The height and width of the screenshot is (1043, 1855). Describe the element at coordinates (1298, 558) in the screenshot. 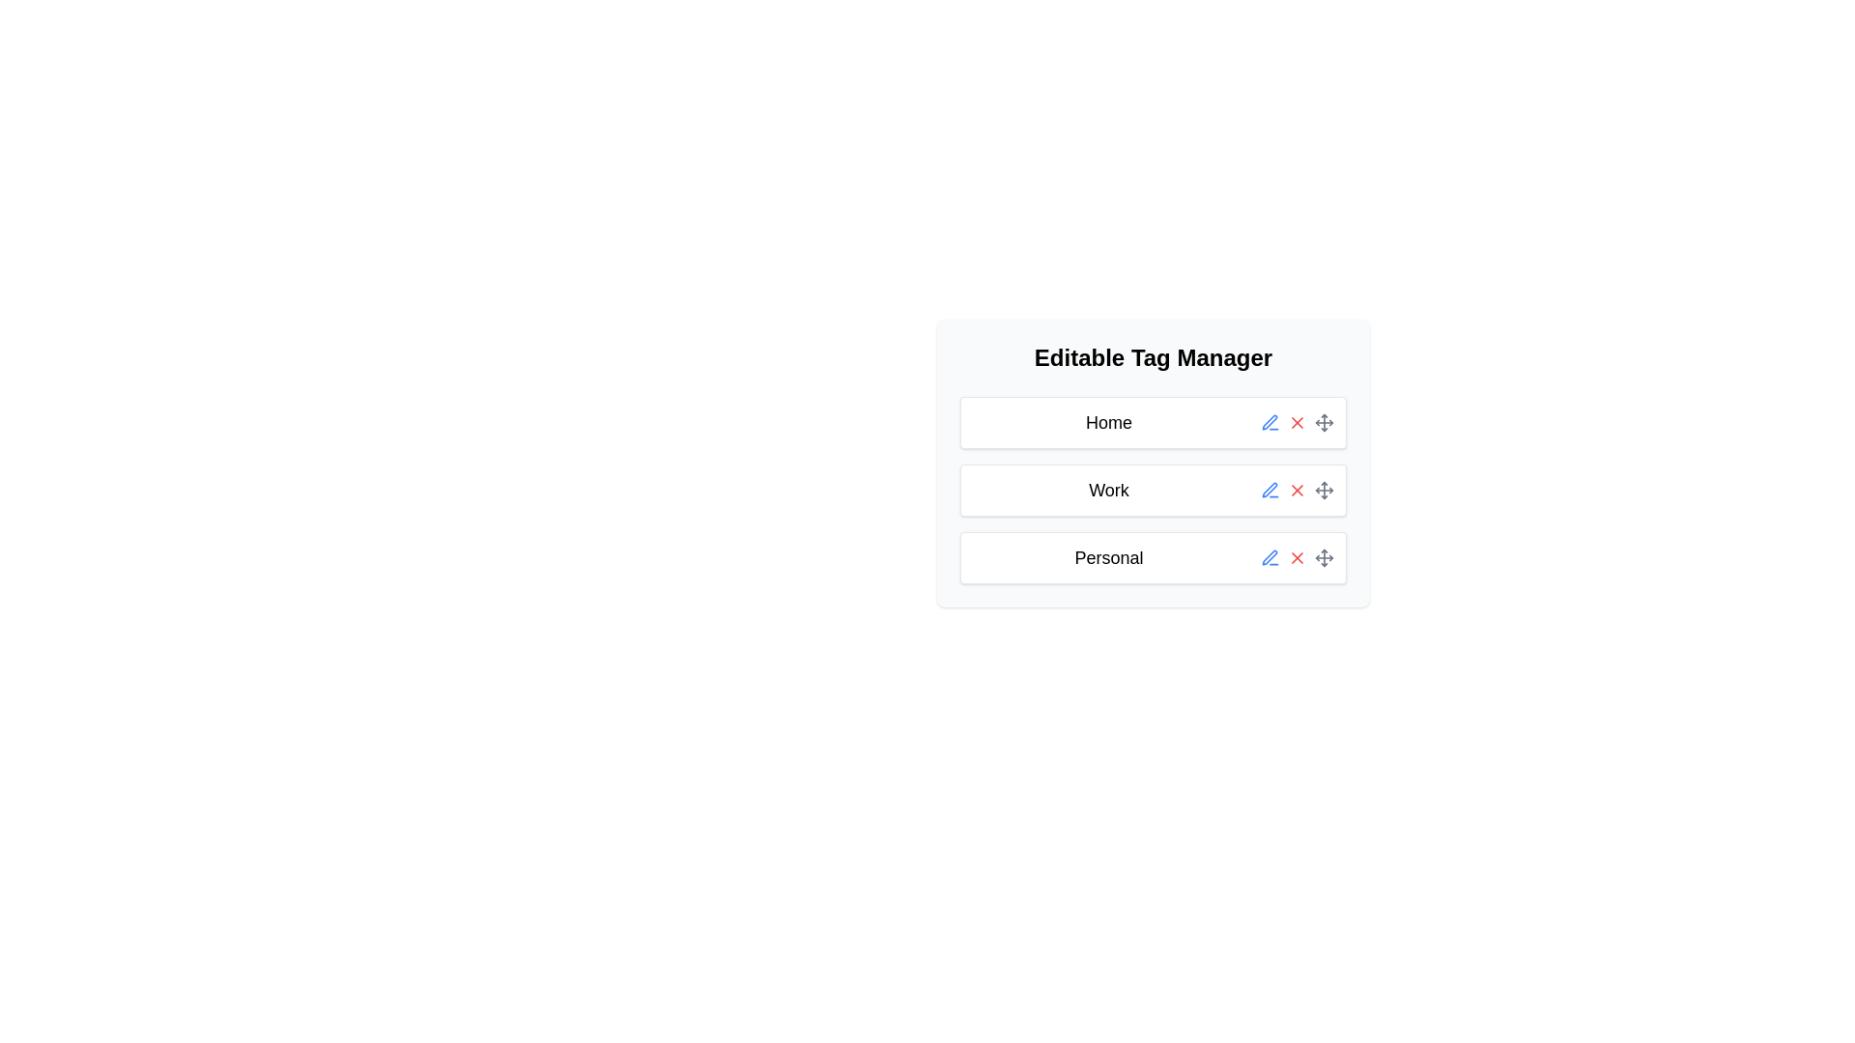

I see `the Icon group consisting of actions (edit, delete, move icons) in the Personal row of the Editable Tag Manager interface` at that location.